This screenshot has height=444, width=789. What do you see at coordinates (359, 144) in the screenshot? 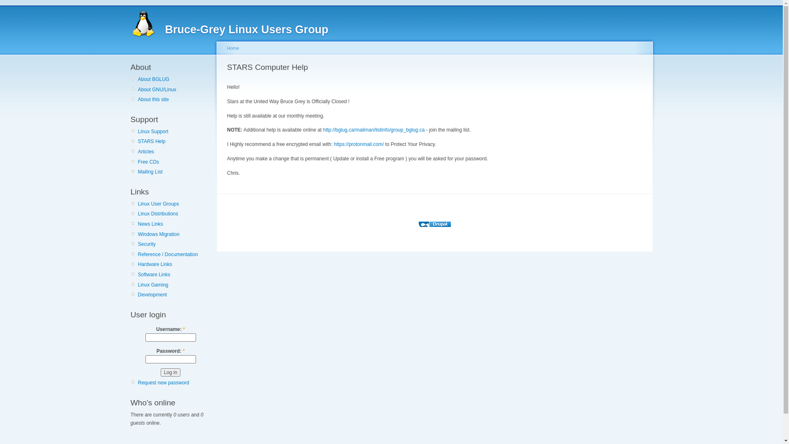
I see `'https://protonmail.com/'` at bounding box center [359, 144].